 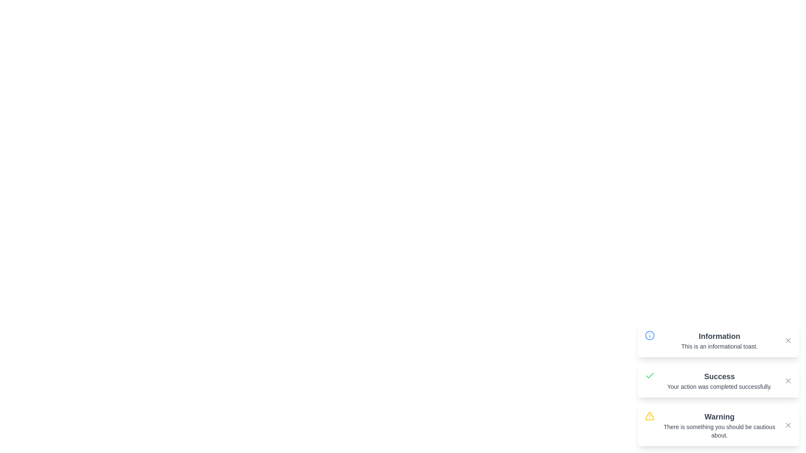 I want to click on the compact gray 'X' icon located at the top-right corner of the 'Success' notification panel, so click(x=788, y=380).